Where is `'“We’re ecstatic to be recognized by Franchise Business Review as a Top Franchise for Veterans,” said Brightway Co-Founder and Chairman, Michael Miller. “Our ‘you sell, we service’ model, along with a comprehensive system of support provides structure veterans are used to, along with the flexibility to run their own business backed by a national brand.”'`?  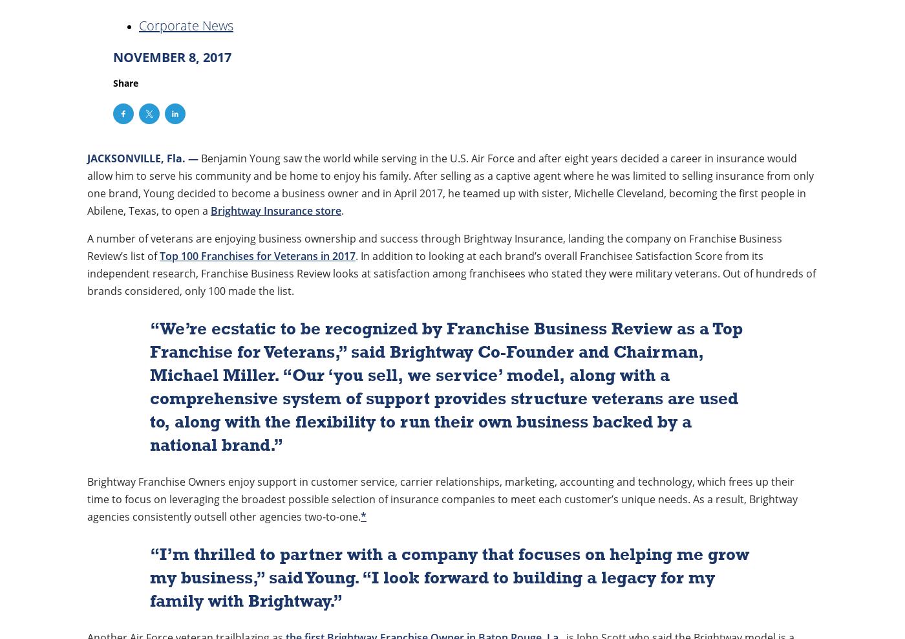 '“We’re ecstatic to be recognized by Franchise Business Review as a Top Franchise for Veterans,” said Brightway Co-Founder and Chairman, Michael Miller. “Our ‘you sell, we service’ model, along with a comprehensive system of support provides structure veterans are used to, along with the flexibility to run their own business backed by a national brand.”' is located at coordinates (445, 386).